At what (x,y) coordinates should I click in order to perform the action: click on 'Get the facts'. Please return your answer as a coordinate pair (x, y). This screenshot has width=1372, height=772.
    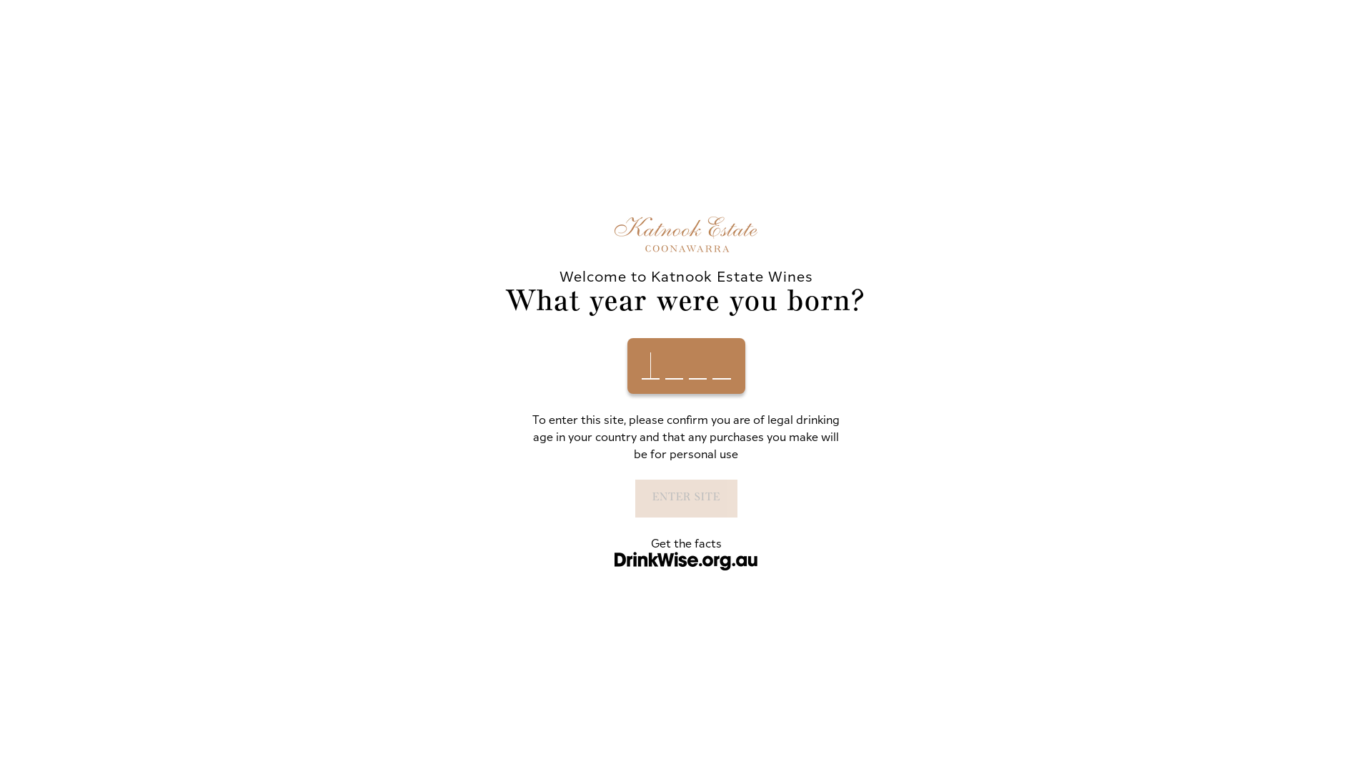
    Looking at the image, I should click on (685, 543).